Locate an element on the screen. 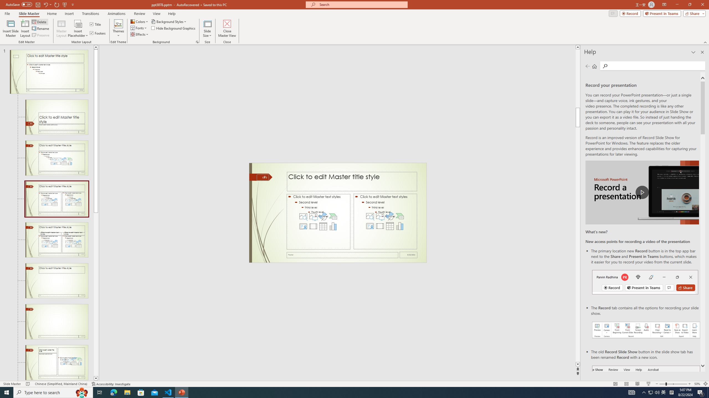 Image resolution: width=709 pixels, height=398 pixels. 'Rename' is located at coordinates (41, 28).